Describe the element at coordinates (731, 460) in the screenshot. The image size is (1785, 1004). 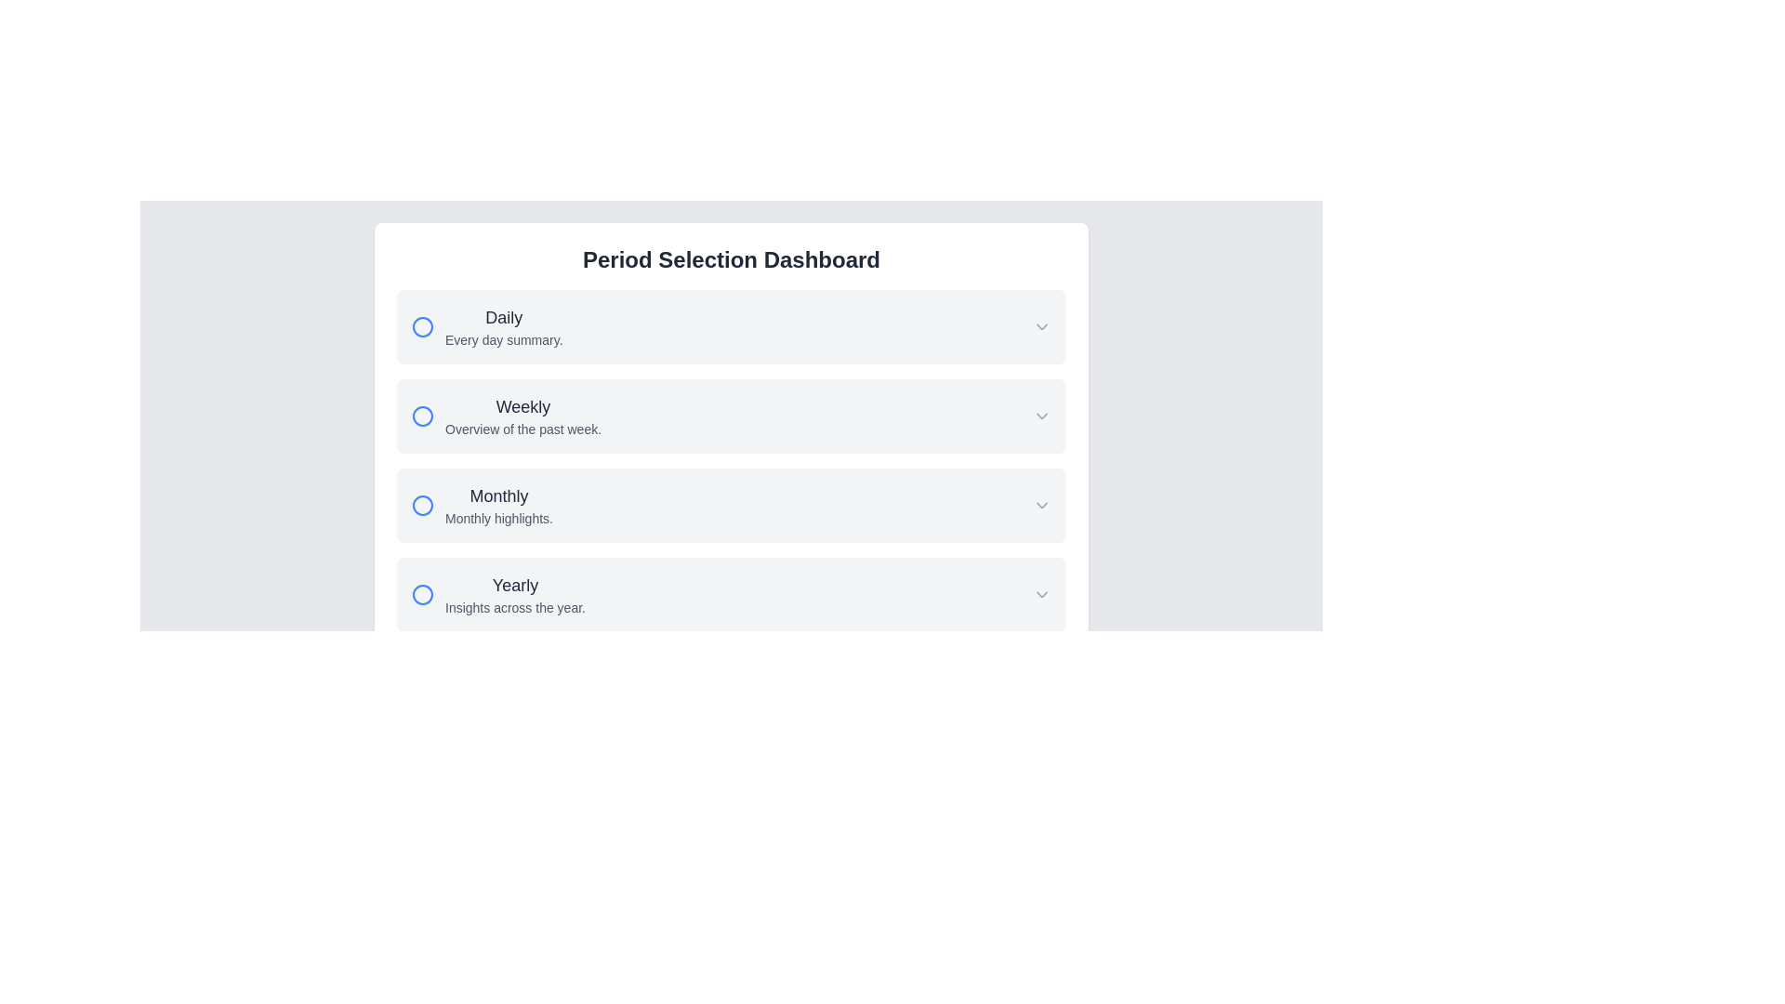
I see `the second section of the Option Selector labeled 'Weekly'` at that location.